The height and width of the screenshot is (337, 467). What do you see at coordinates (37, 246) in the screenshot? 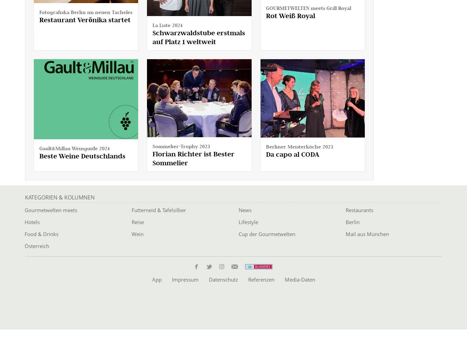
I see `'Österreich'` at bounding box center [37, 246].